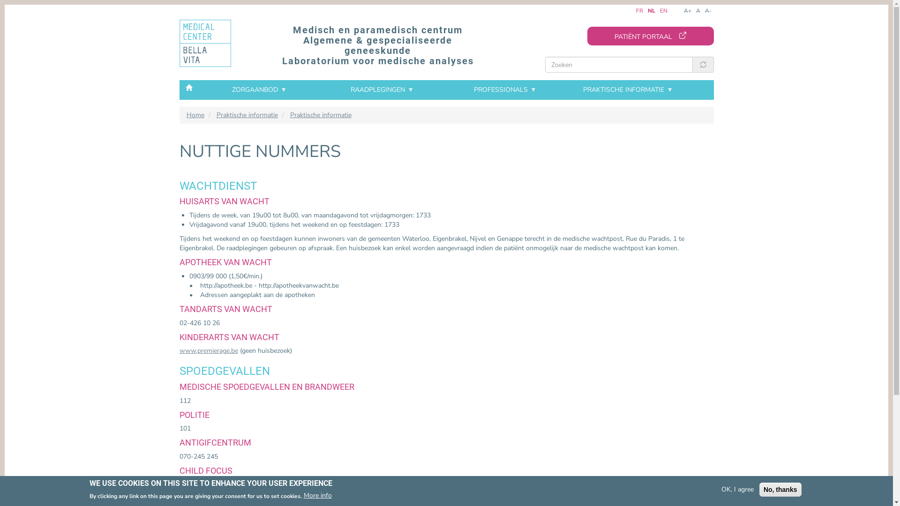  What do you see at coordinates (566, 90) in the screenshot?
I see `'PRAKTISCHE INFORMATIE'` at bounding box center [566, 90].